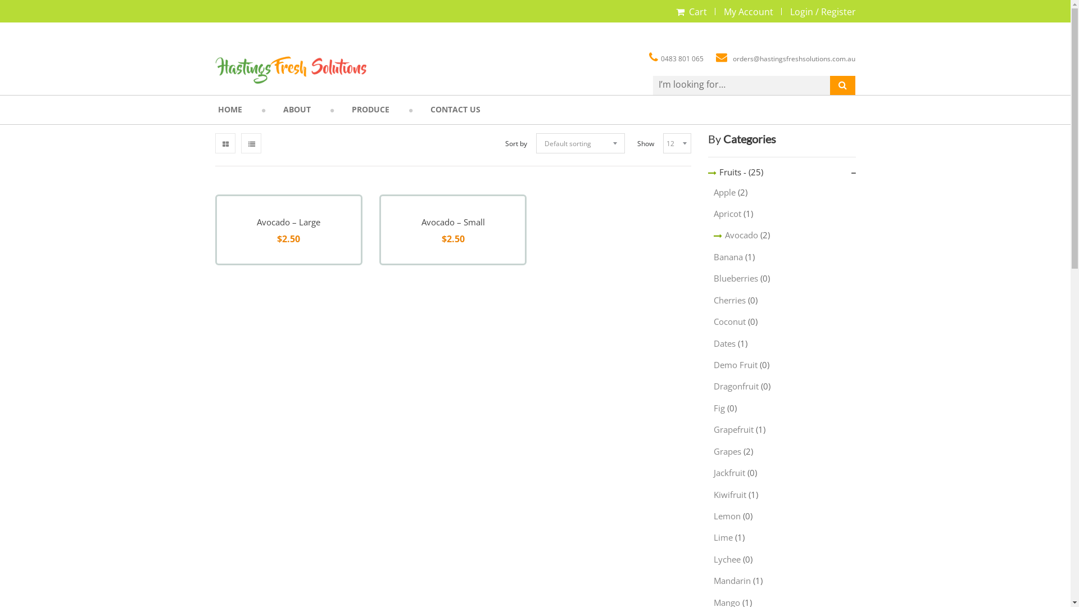 This screenshot has width=1079, height=607. I want to click on 'orders@hastingsfreshsolutions.com.au', so click(779, 58).